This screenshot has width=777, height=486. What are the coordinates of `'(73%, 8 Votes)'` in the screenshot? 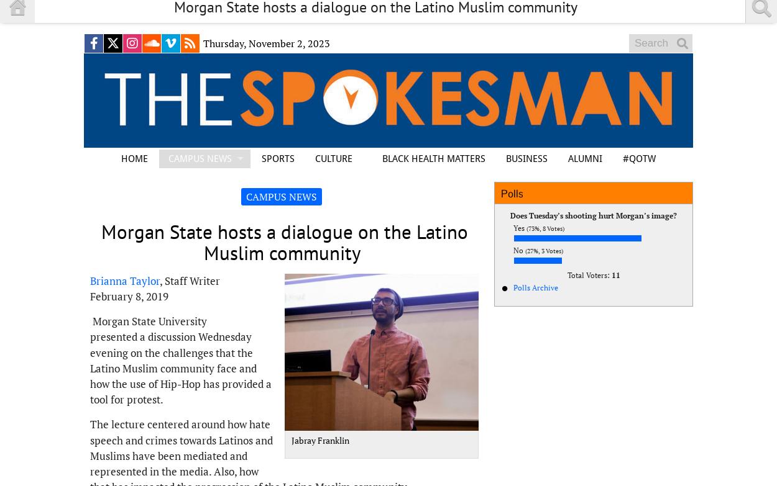 It's located at (545, 228).